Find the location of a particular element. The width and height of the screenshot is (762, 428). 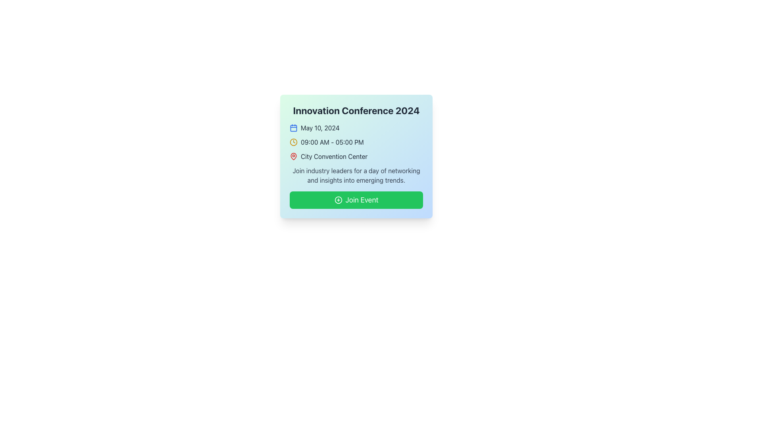

the 'What this Text with icon does' element which provides the schedule for the event, located second in the list below the event name, directly under the date and above the venue name is located at coordinates (356, 141).